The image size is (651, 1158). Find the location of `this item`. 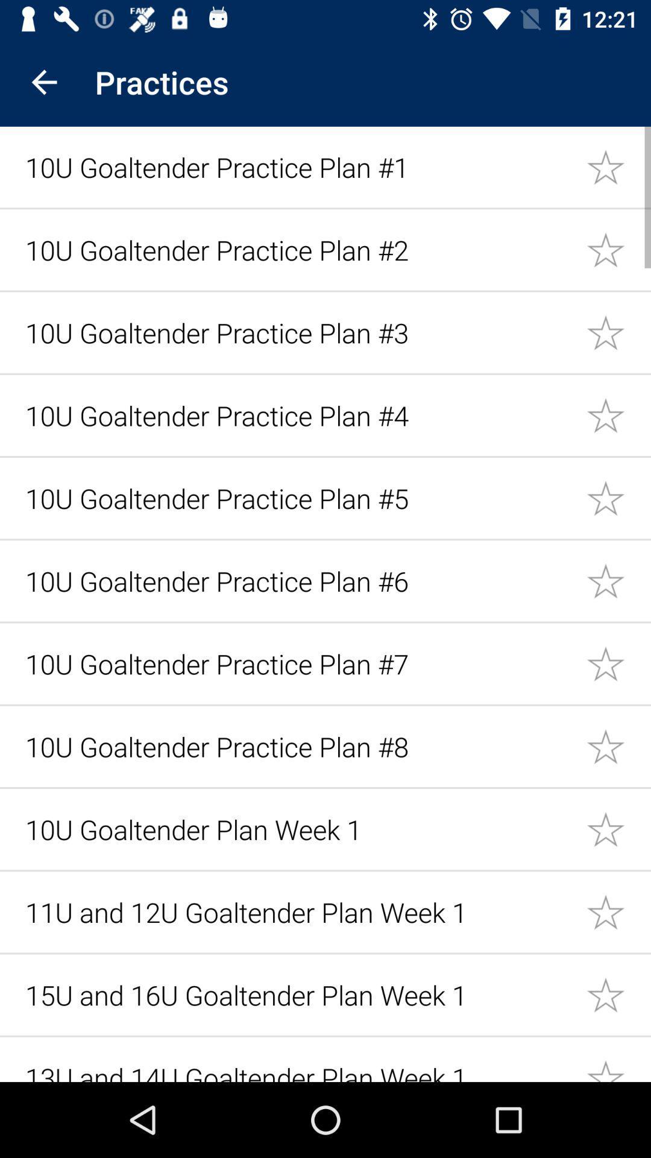

this item is located at coordinates (618, 828).